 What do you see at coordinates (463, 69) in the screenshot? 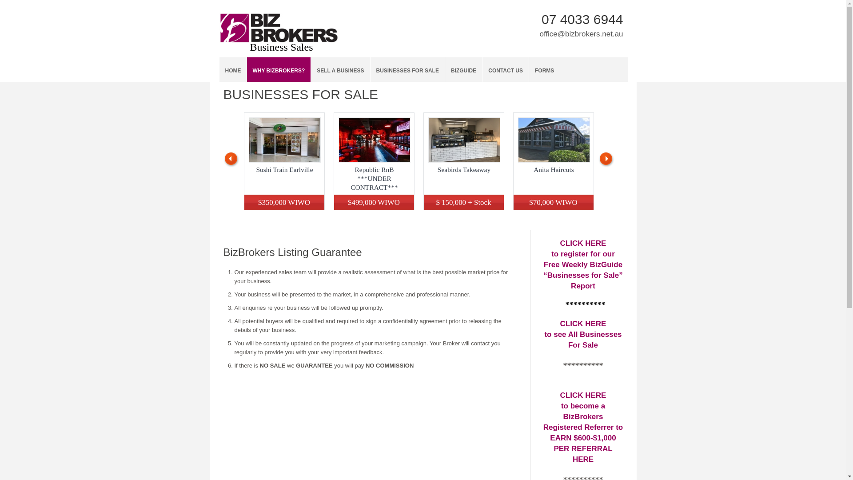
I see `'BIZGUIDE'` at bounding box center [463, 69].